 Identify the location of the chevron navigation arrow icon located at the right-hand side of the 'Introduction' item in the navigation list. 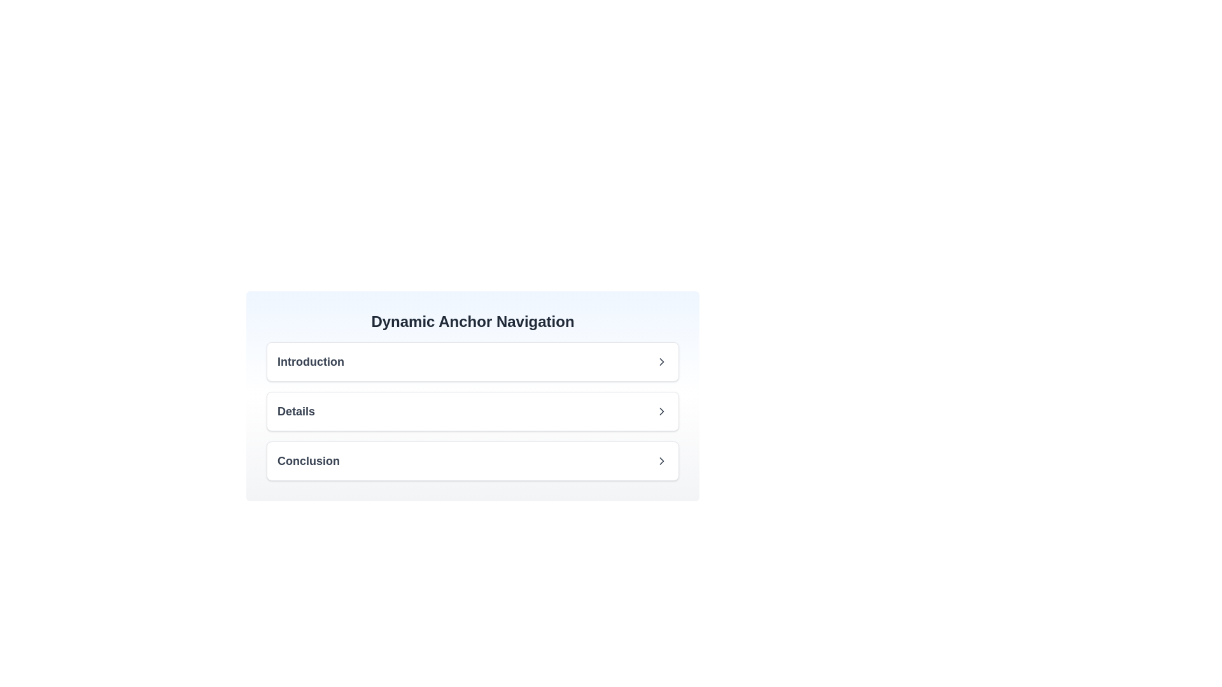
(662, 362).